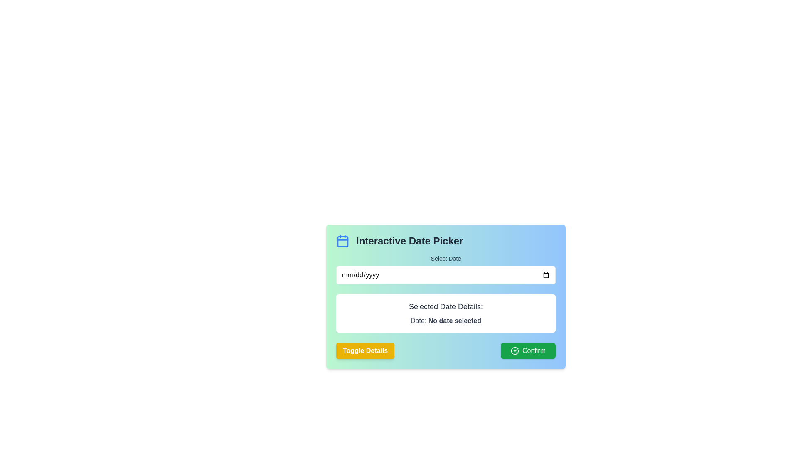  What do you see at coordinates (514, 351) in the screenshot?
I see `the circular icon inside the 'Confirm' button located in the bottom-right corner of the 'Interactive Date Picker' dialog box` at bounding box center [514, 351].